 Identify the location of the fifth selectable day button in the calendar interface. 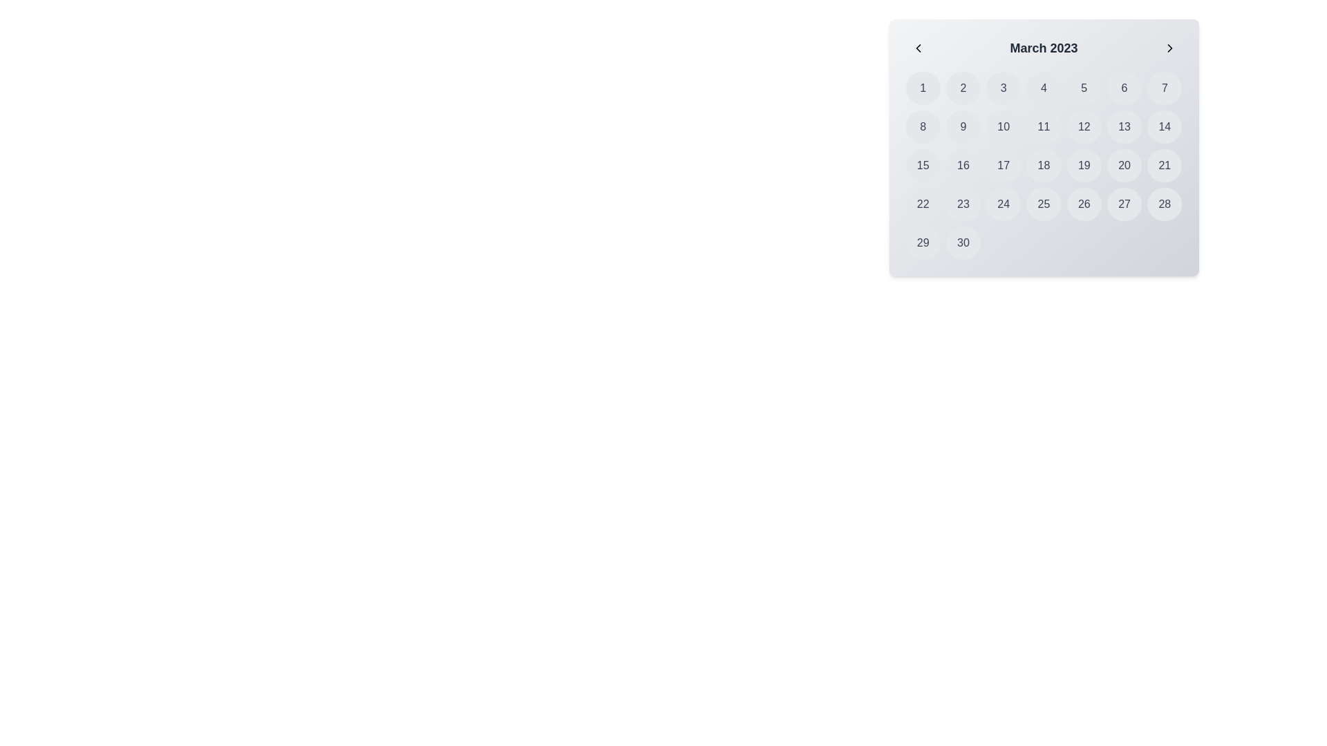
(1083, 88).